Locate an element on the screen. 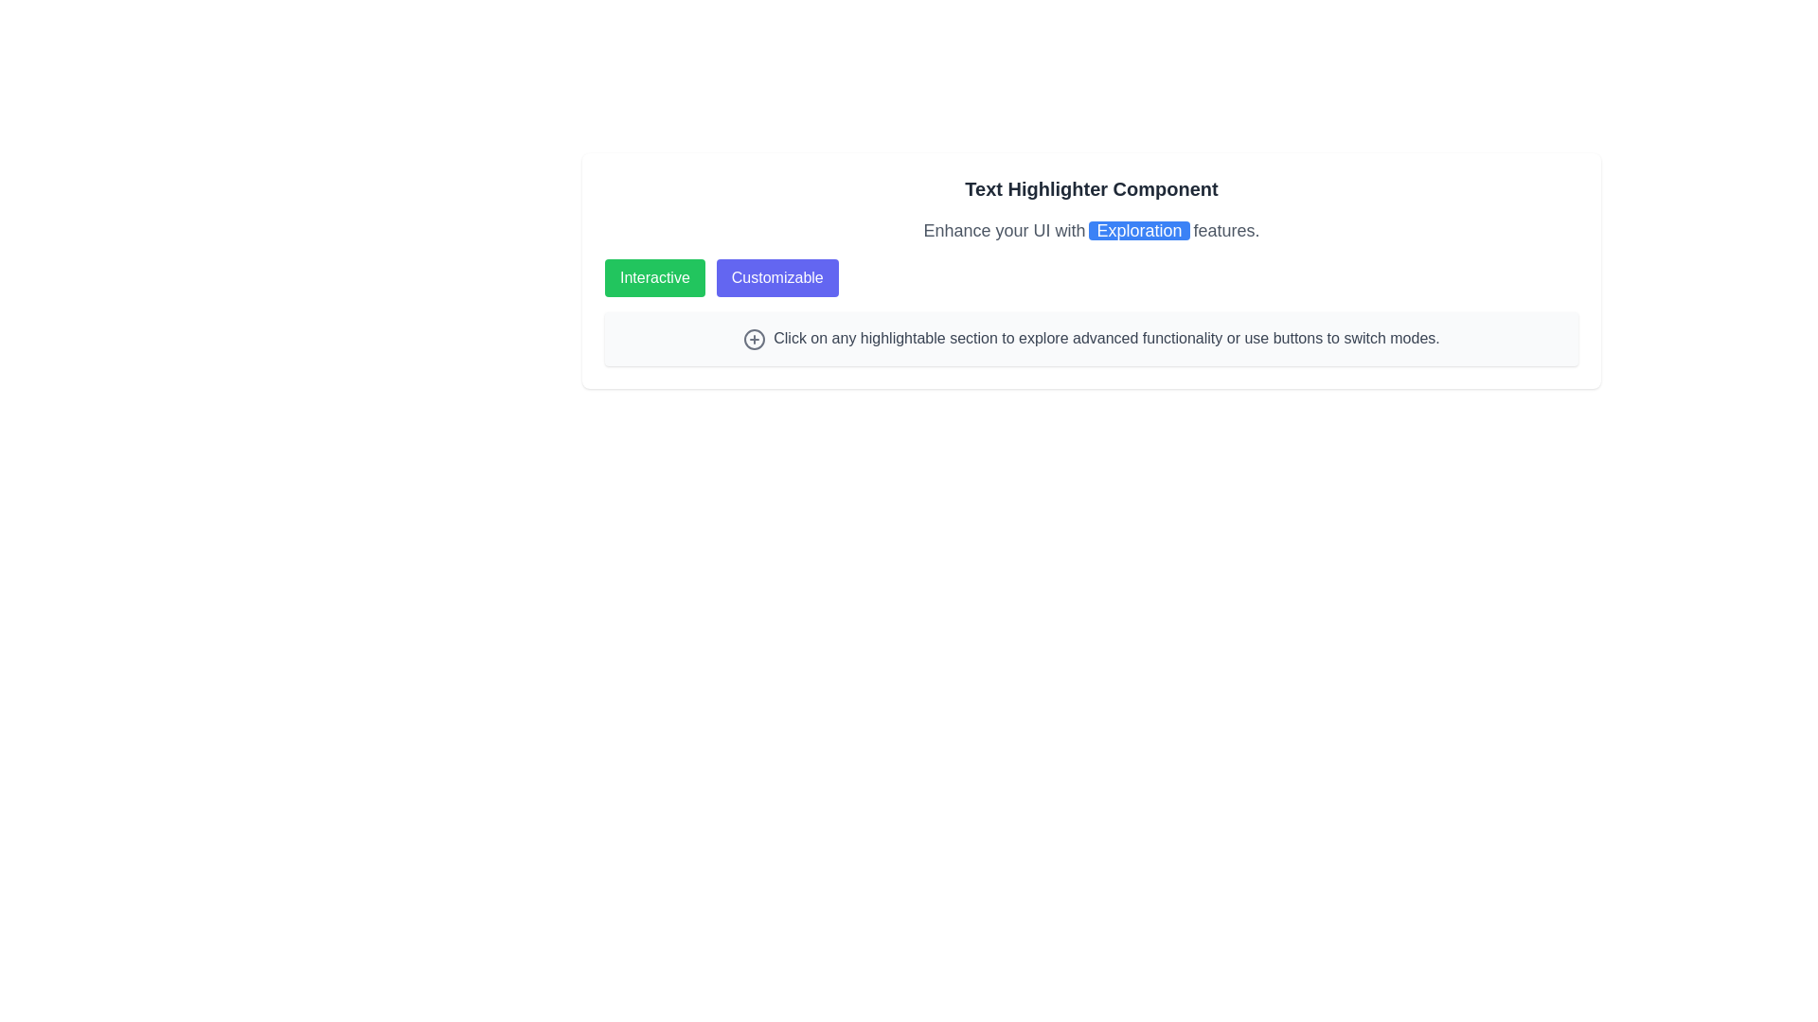 The height and width of the screenshot is (1022, 1818). the text component displaying 'Enhance your UI with Exploration features.' is located at coordinates (1091, 229).